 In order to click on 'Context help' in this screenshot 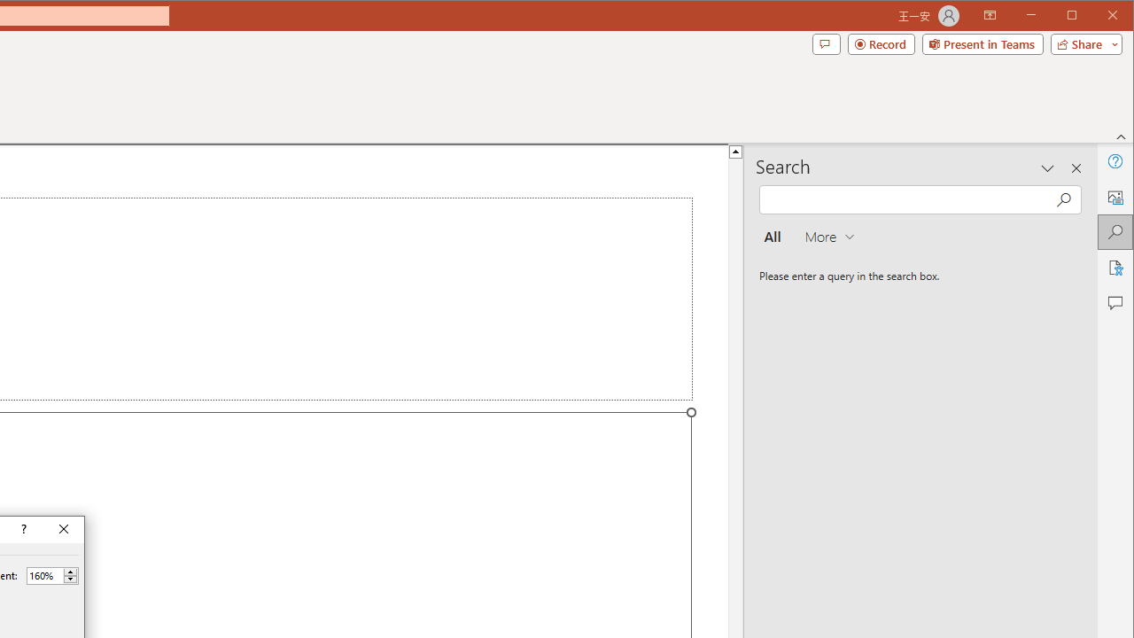, I will do `click(22, 528)`.